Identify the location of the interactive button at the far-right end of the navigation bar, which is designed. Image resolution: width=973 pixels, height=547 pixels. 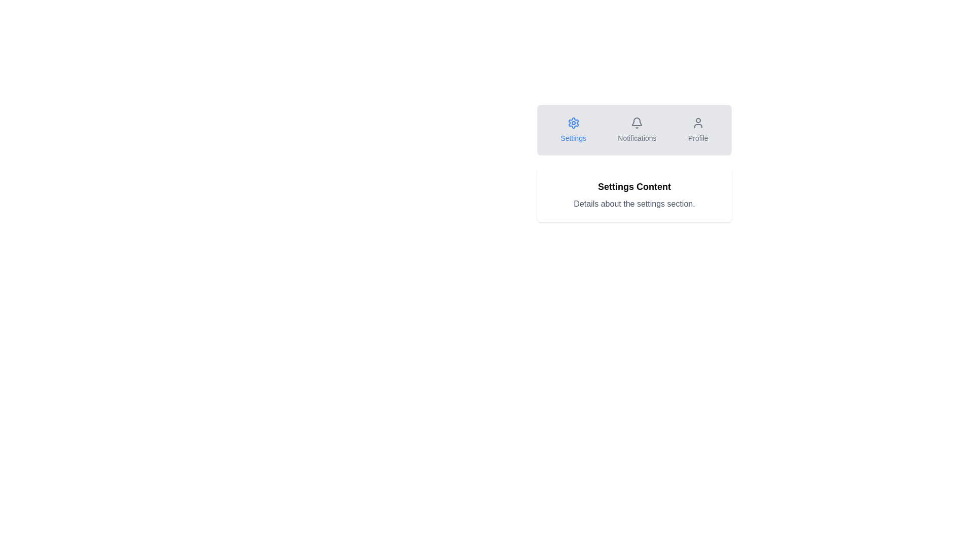
(697, 130).